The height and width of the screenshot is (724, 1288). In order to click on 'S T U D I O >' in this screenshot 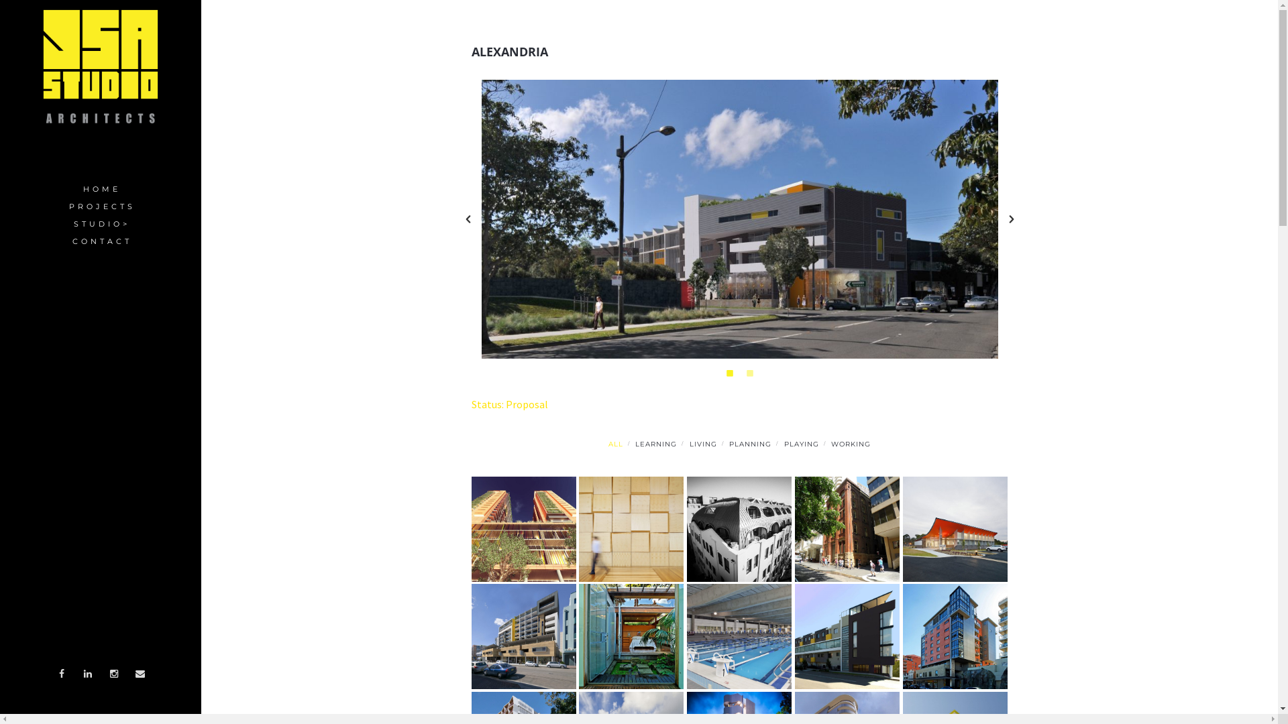, I will do `click(0, 224)`.